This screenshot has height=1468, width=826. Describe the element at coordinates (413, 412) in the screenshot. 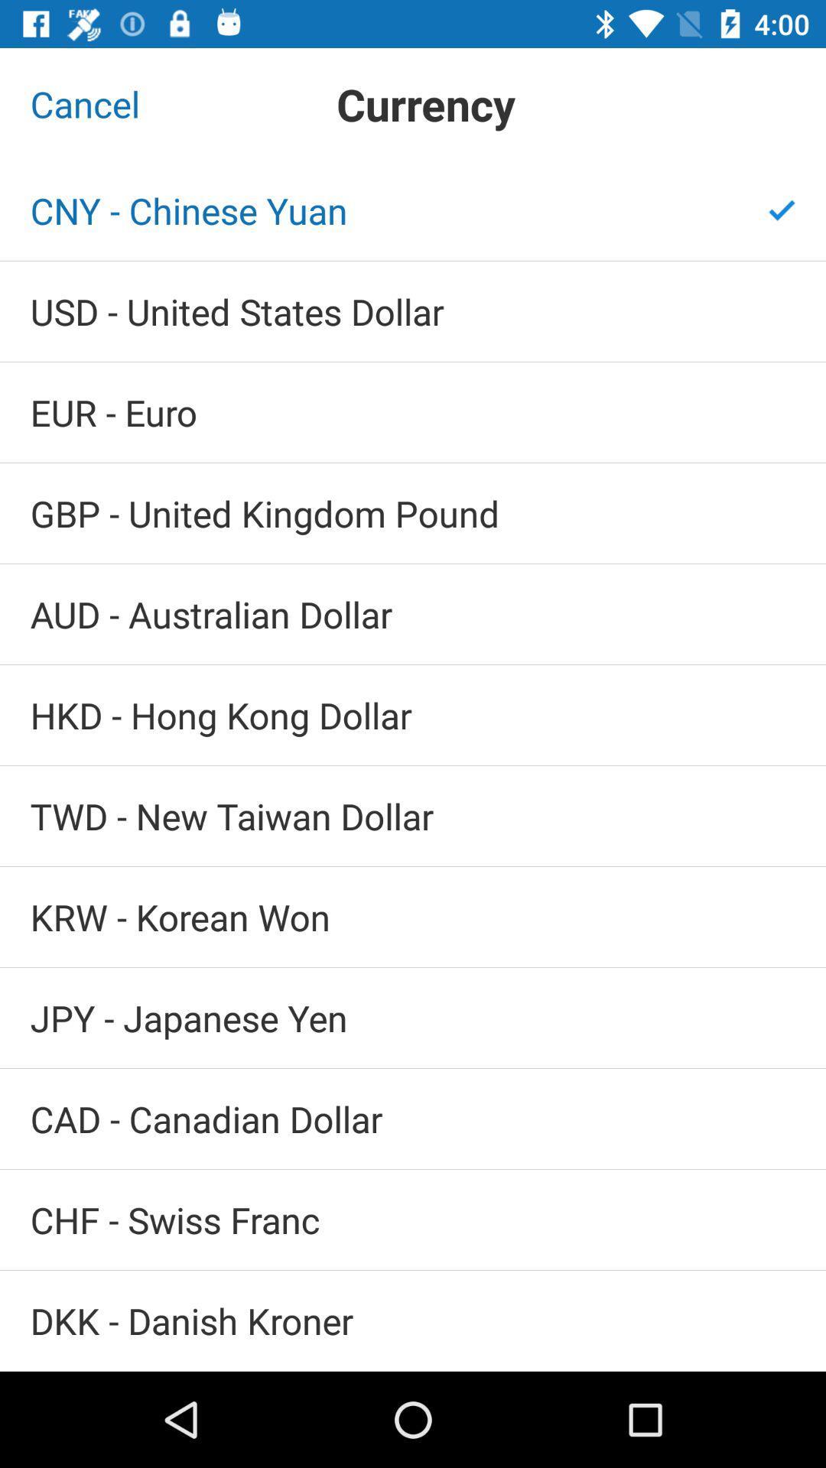

I see `icon below the usd united states item` at that location.